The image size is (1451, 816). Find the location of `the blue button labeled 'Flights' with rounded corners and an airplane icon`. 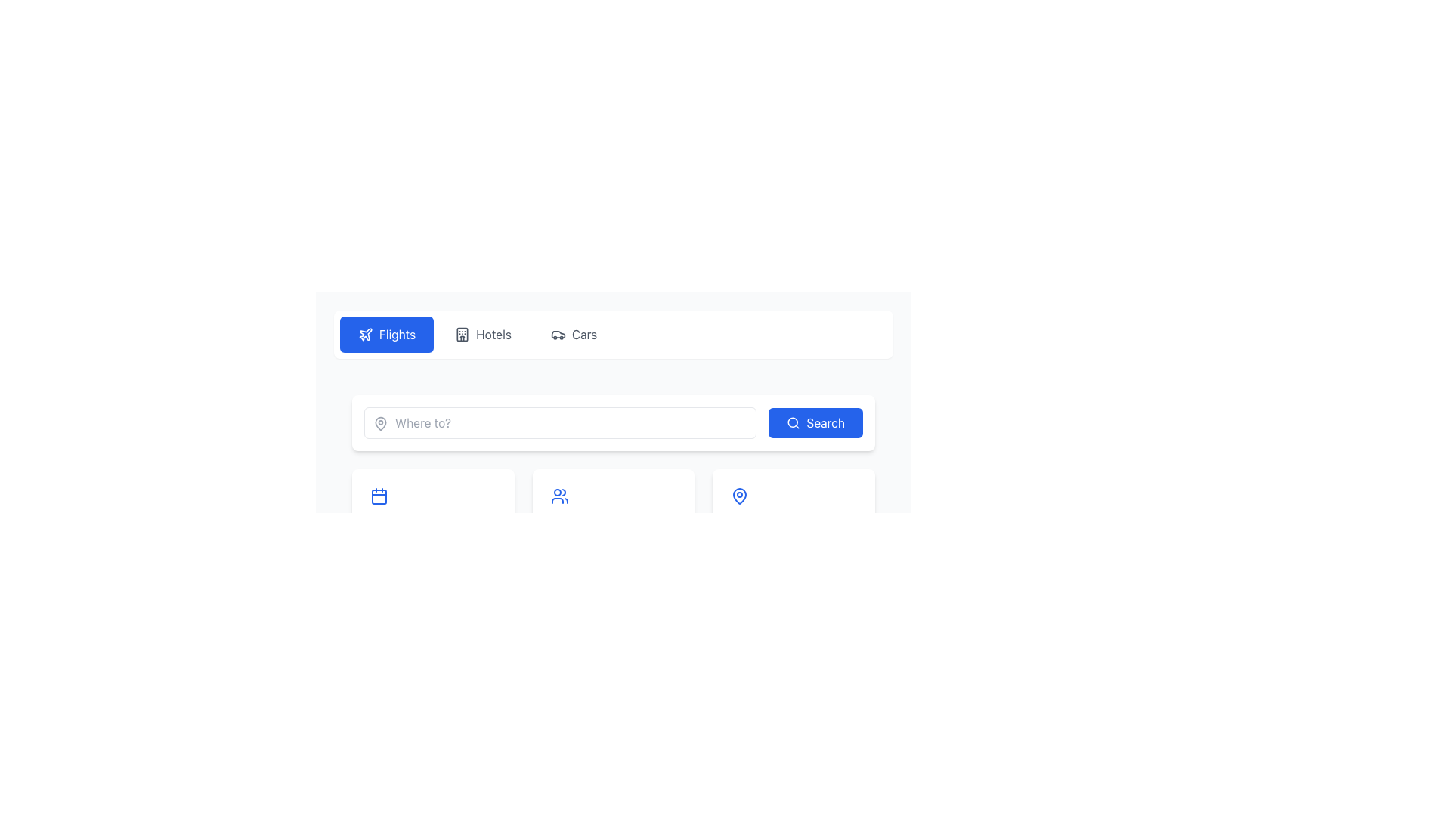

the blue button labeled 'Flights' with rounded corners and an airplane icon is located at coordinates (387, 334).